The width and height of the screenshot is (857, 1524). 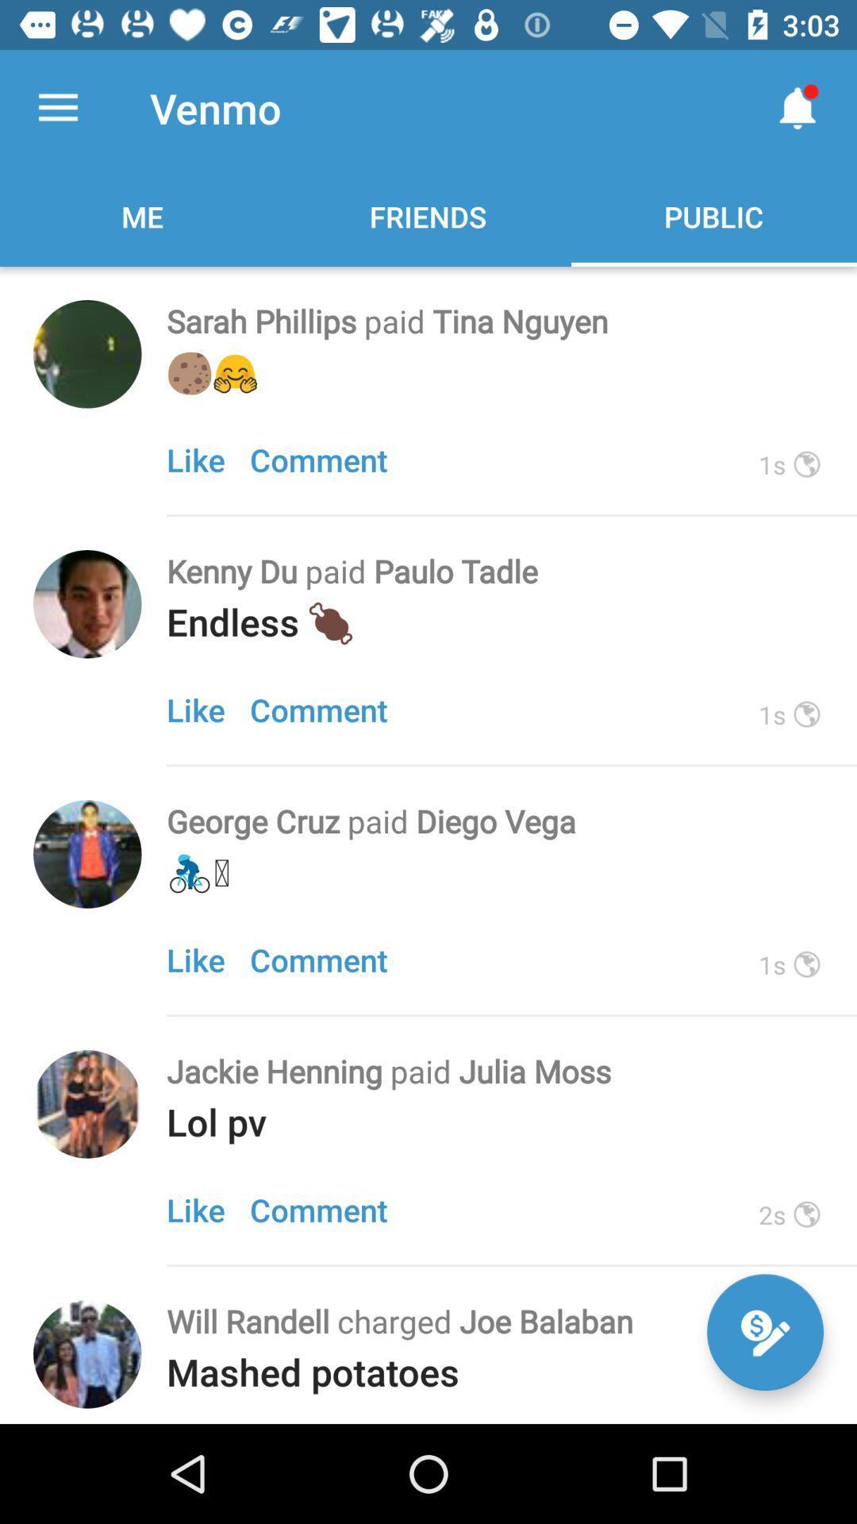 I want to click on profile, so click(x=87, y=1103).